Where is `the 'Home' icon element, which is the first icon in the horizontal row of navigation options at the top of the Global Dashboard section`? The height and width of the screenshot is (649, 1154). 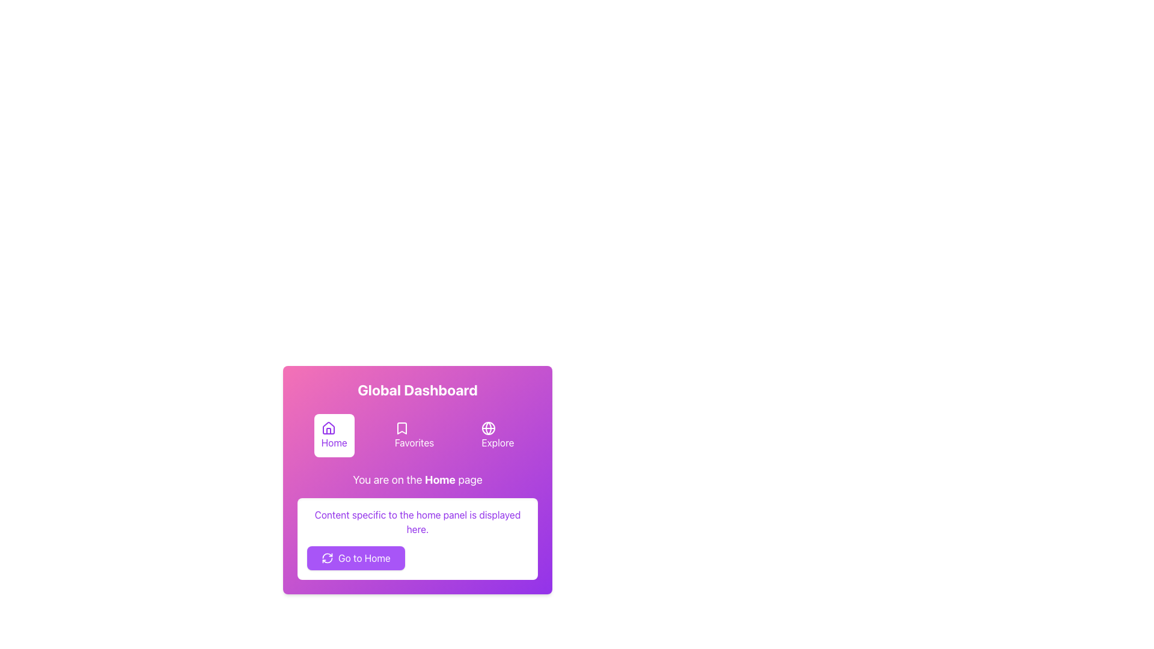
the 'Home' icon element, which is the first icon in the horizontal row of navigation options at the top of the Global Dashboard section is located at coordinates (328, 427).